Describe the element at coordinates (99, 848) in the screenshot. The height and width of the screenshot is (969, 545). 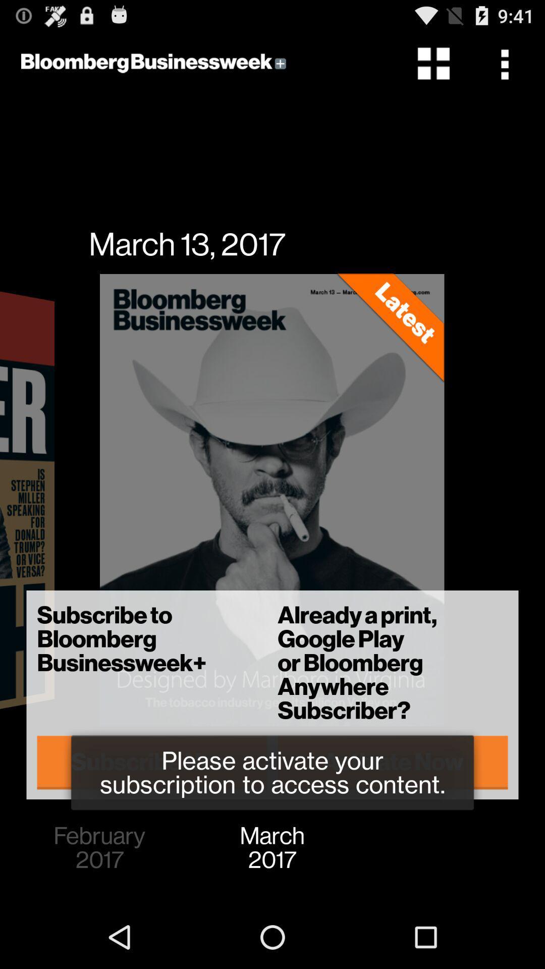
I see `the item to the left of march` at that location.